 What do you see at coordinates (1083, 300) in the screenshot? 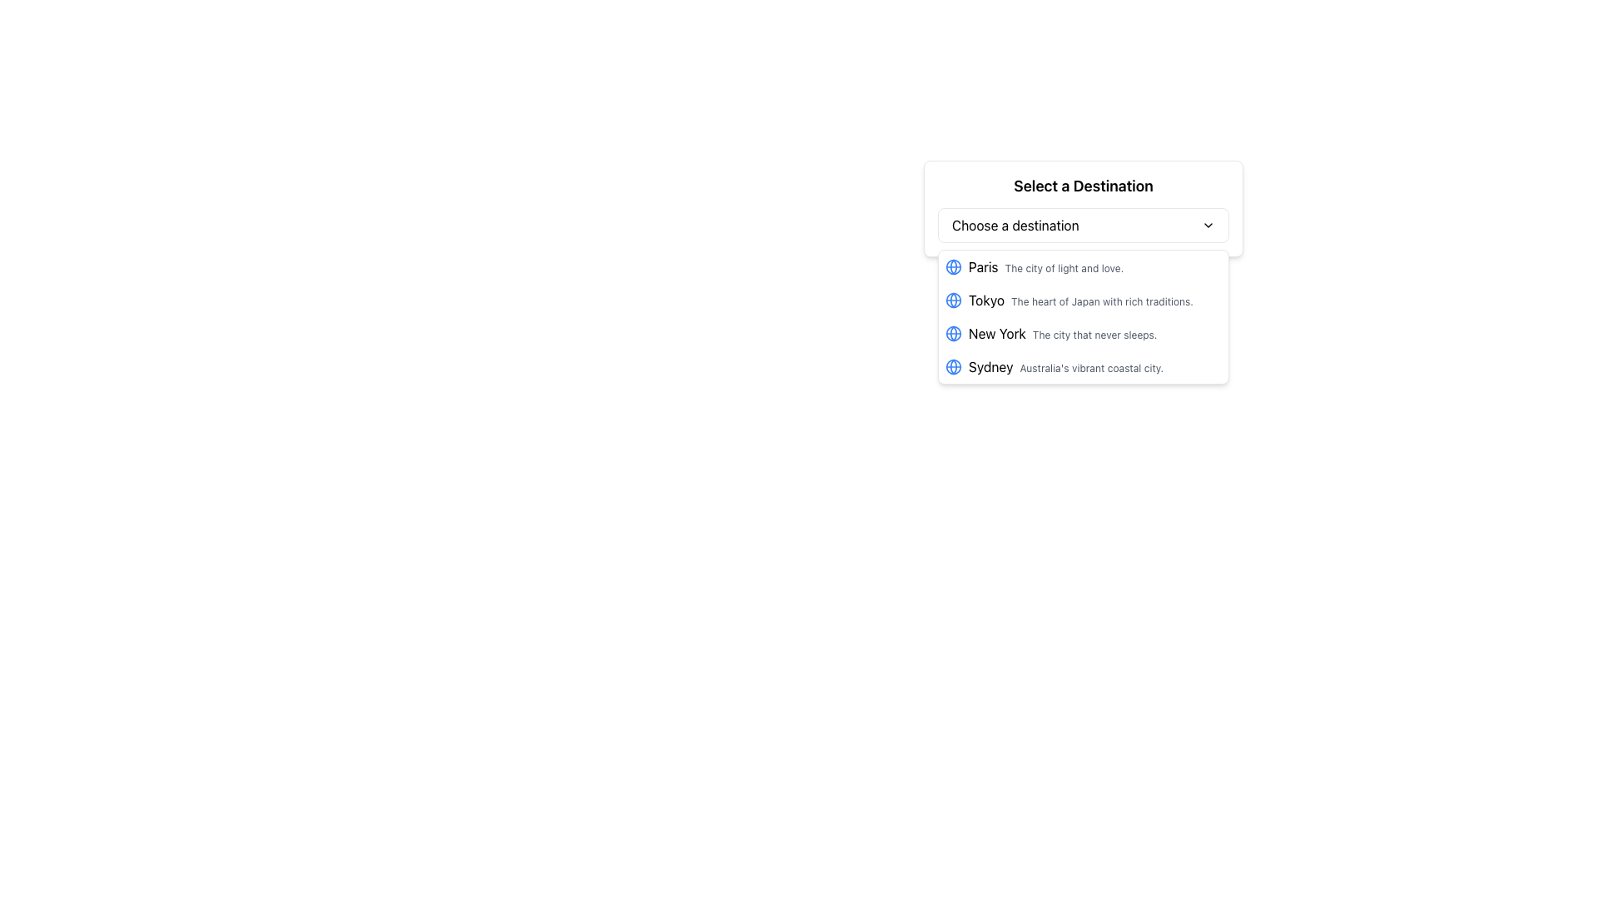
I see `the text-based list item titled 'Tokyo'` at bounding box center [1083, 300].